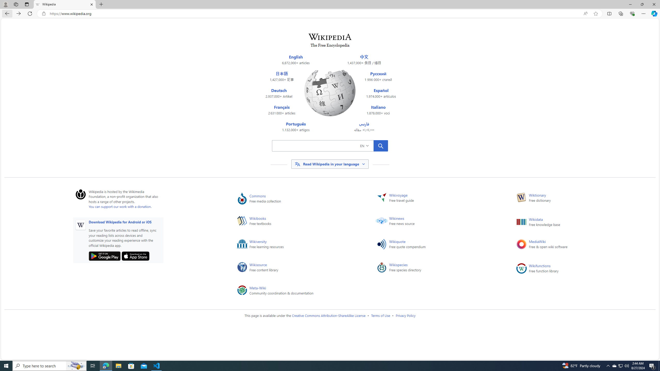 The image size is (660, 371). What do you see at coordinates (578, 198) in the screenshot?
I see `'Wiktionary Free dictionary'` at bounding box center [578, 198].